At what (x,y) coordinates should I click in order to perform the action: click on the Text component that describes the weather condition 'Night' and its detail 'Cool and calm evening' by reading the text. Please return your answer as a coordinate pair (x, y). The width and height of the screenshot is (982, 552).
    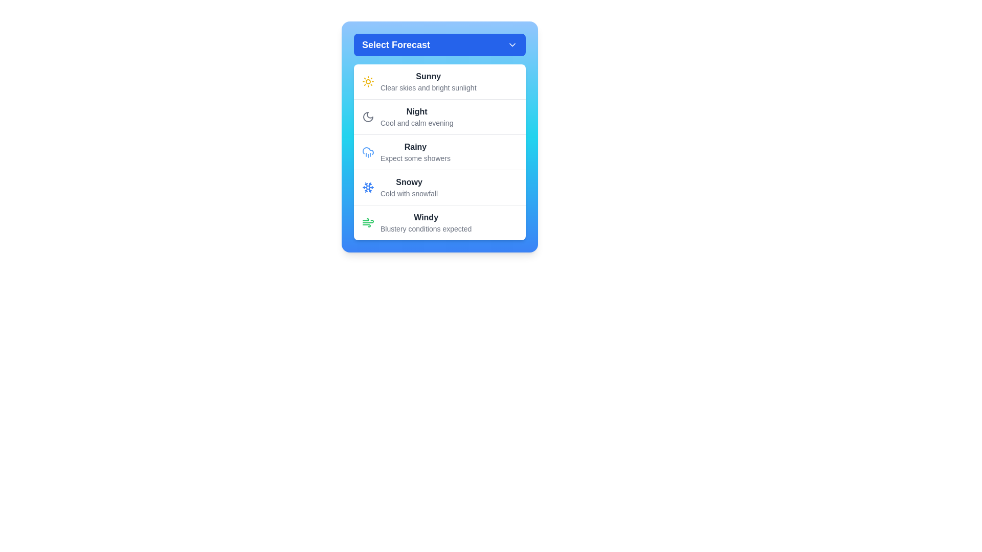
    Looking at the image, I should click on (417, 116).